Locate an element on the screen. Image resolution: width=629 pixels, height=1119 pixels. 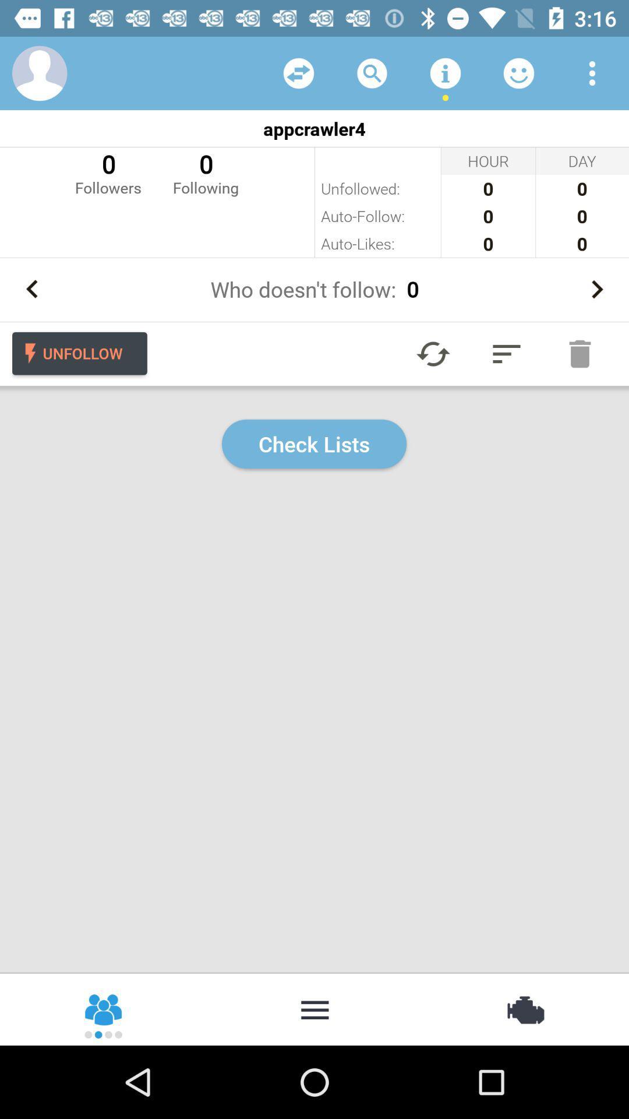
more options is located at coordinates (592, 72).